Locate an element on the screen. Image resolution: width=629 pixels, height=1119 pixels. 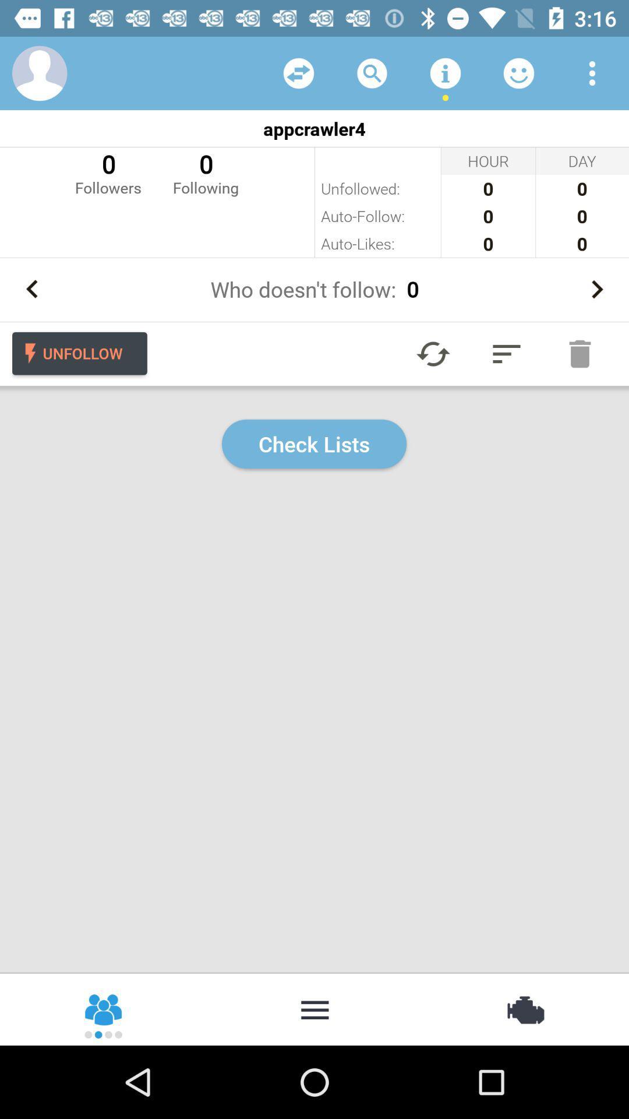
more options is located at coordinates (592, 72).